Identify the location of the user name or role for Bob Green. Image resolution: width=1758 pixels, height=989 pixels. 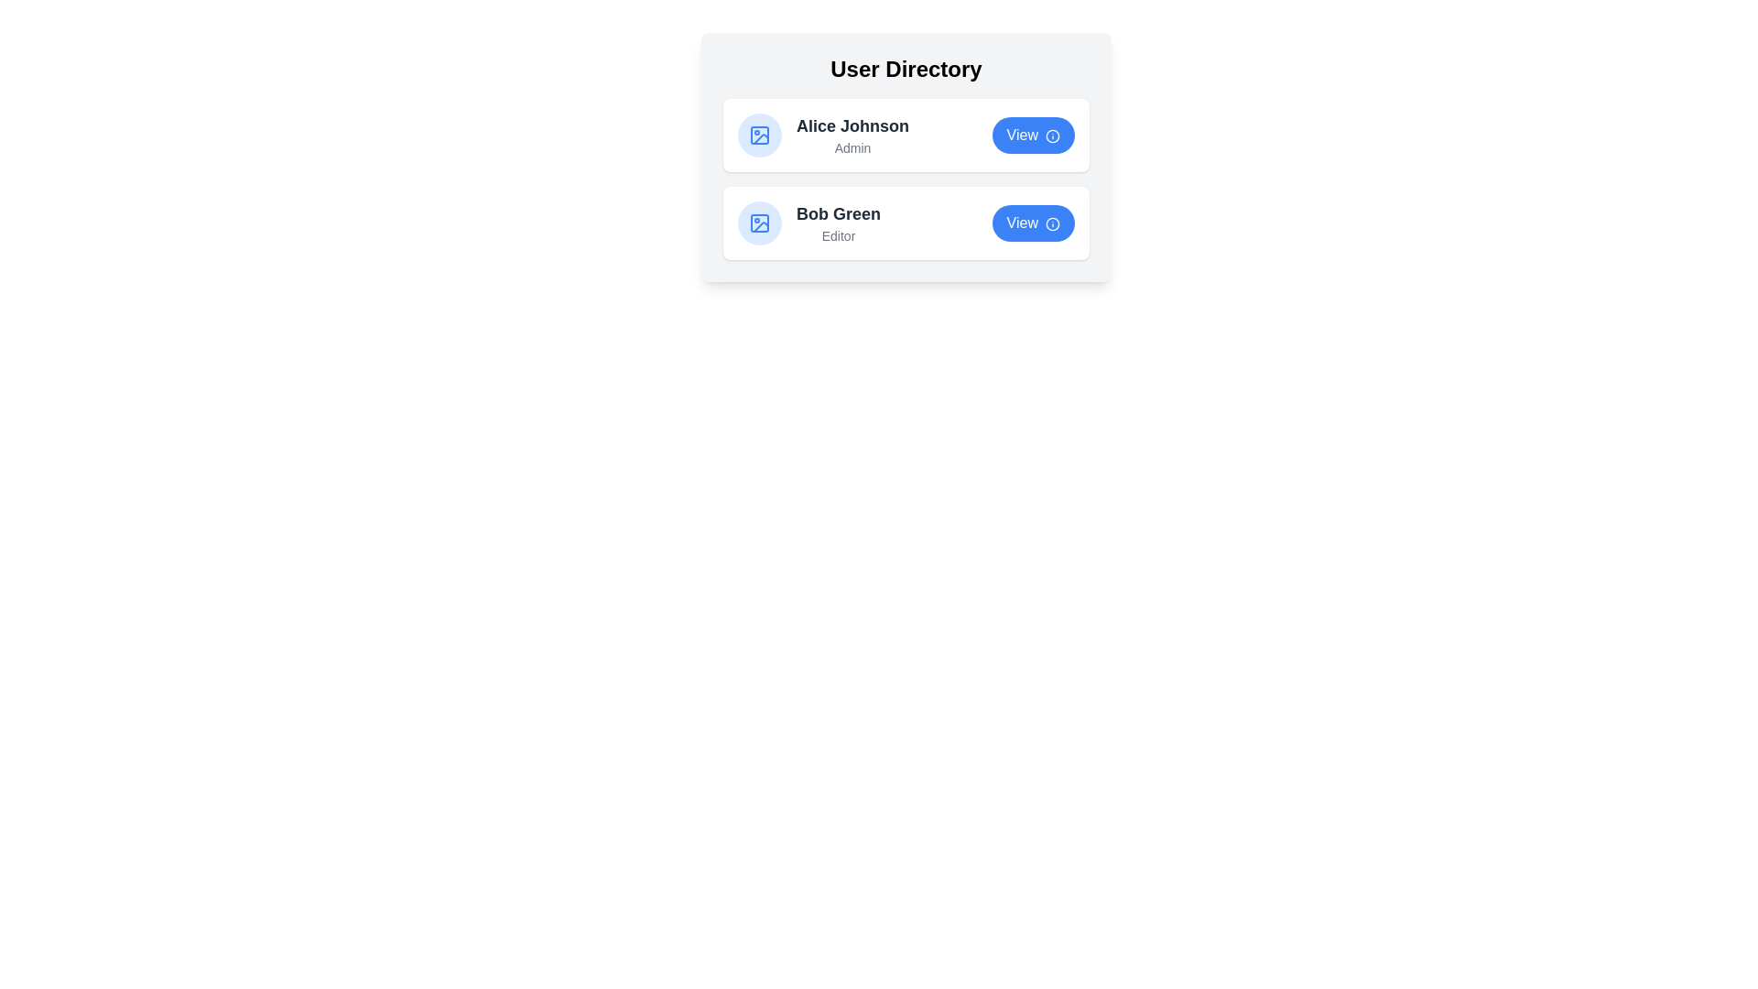
(838, 213).